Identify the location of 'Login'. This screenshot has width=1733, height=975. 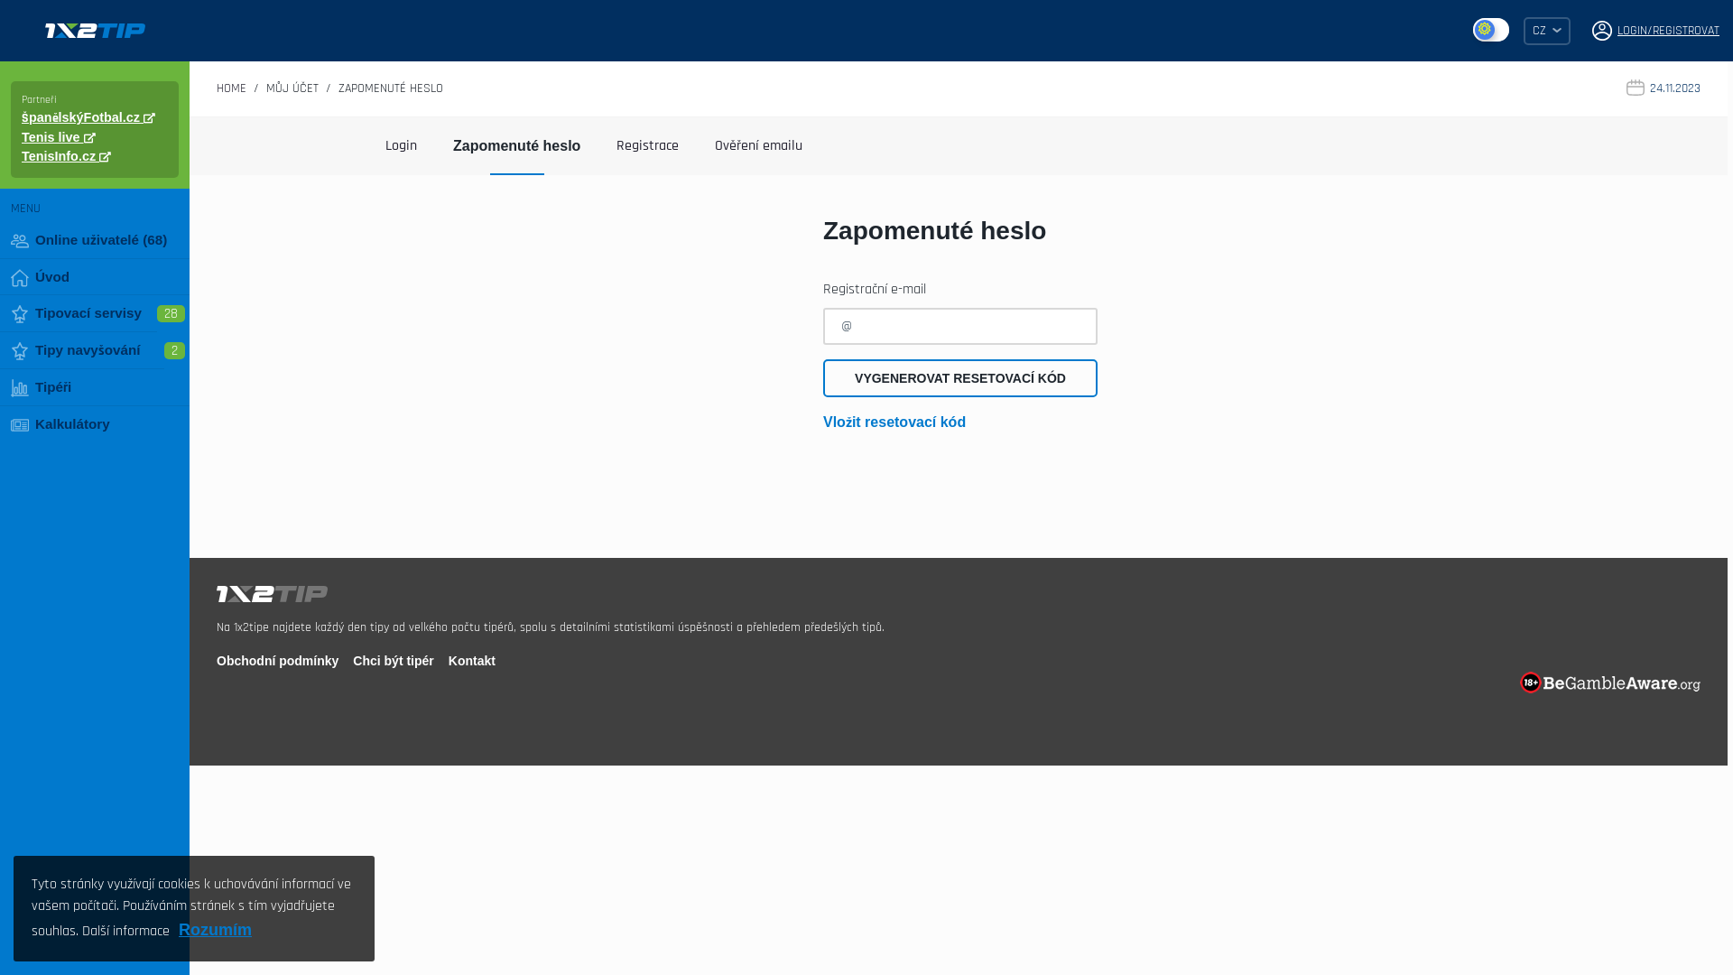
(400, 144).